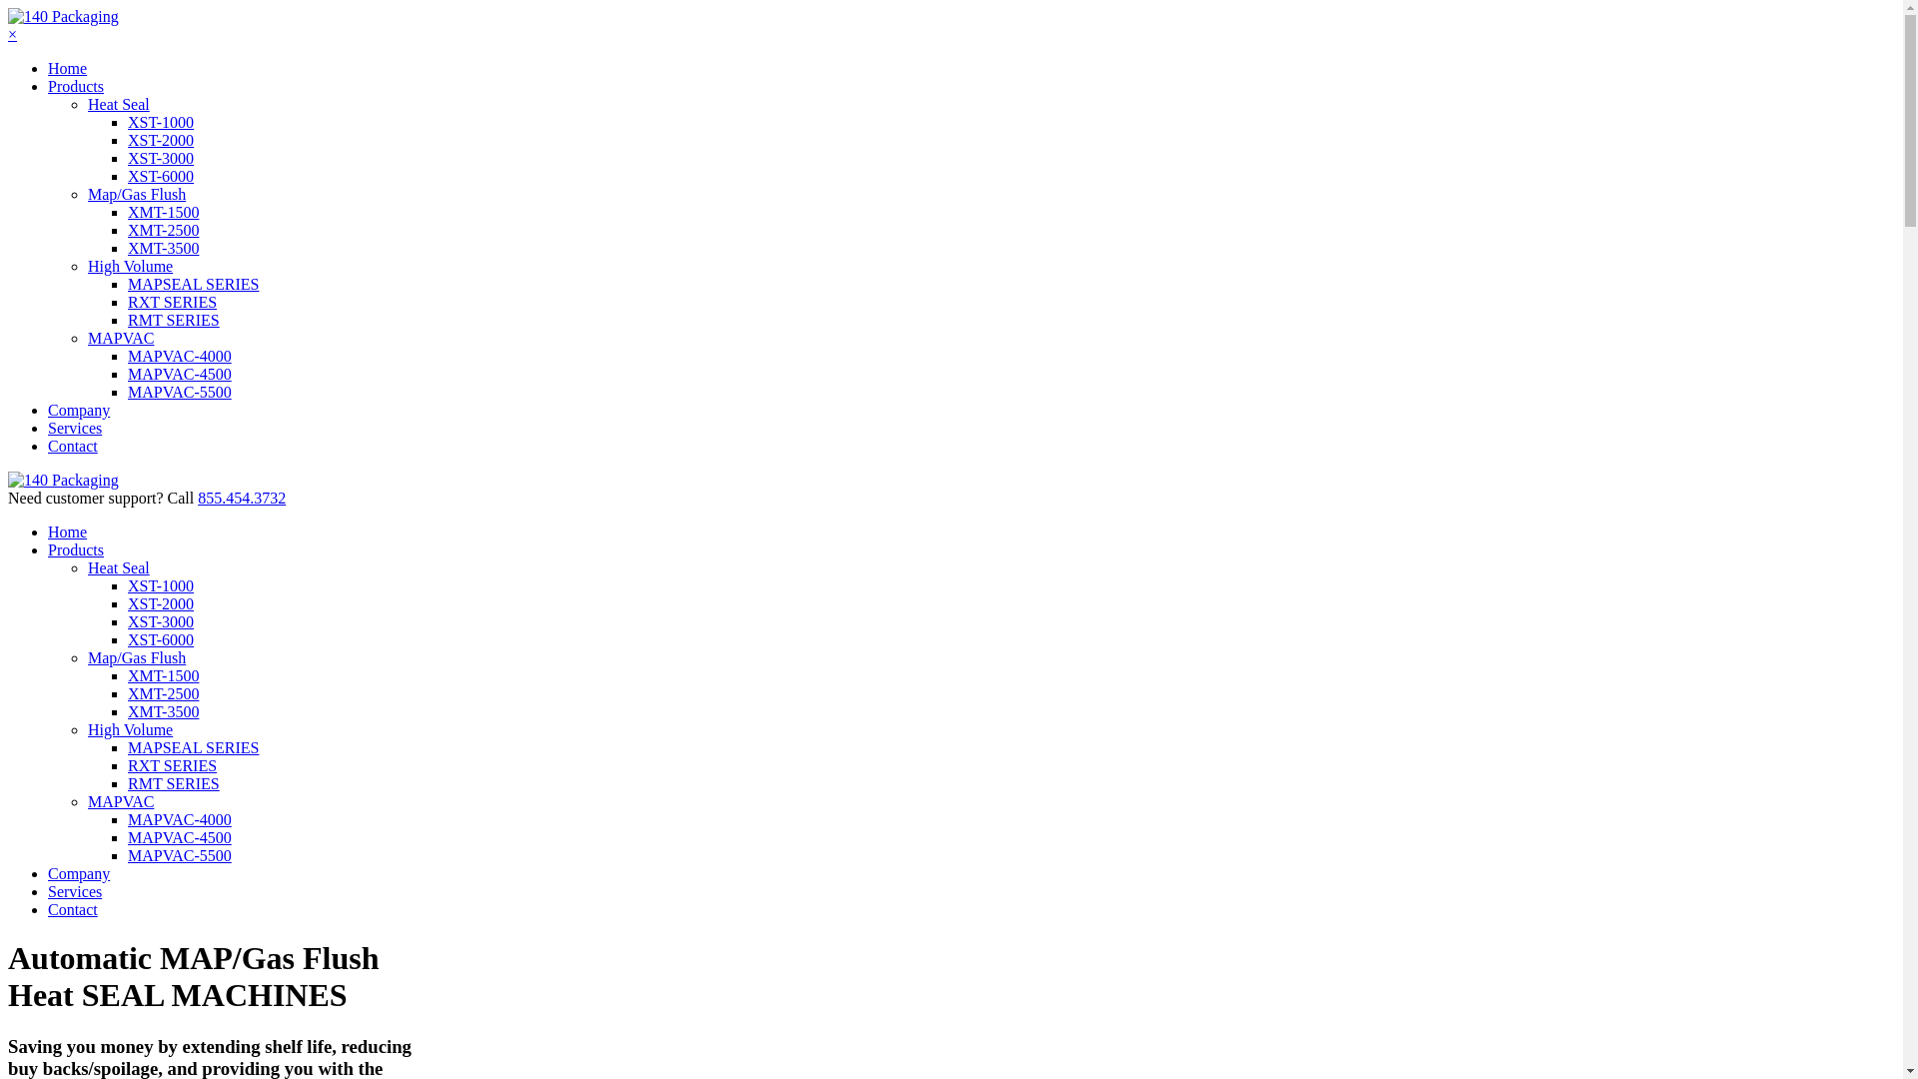 This screenshot has width=1918, height=1079. What do you see at coordinates (161, 139) in the screenshot?
I see `'XST-2000'` at bounding box center [161, 139].